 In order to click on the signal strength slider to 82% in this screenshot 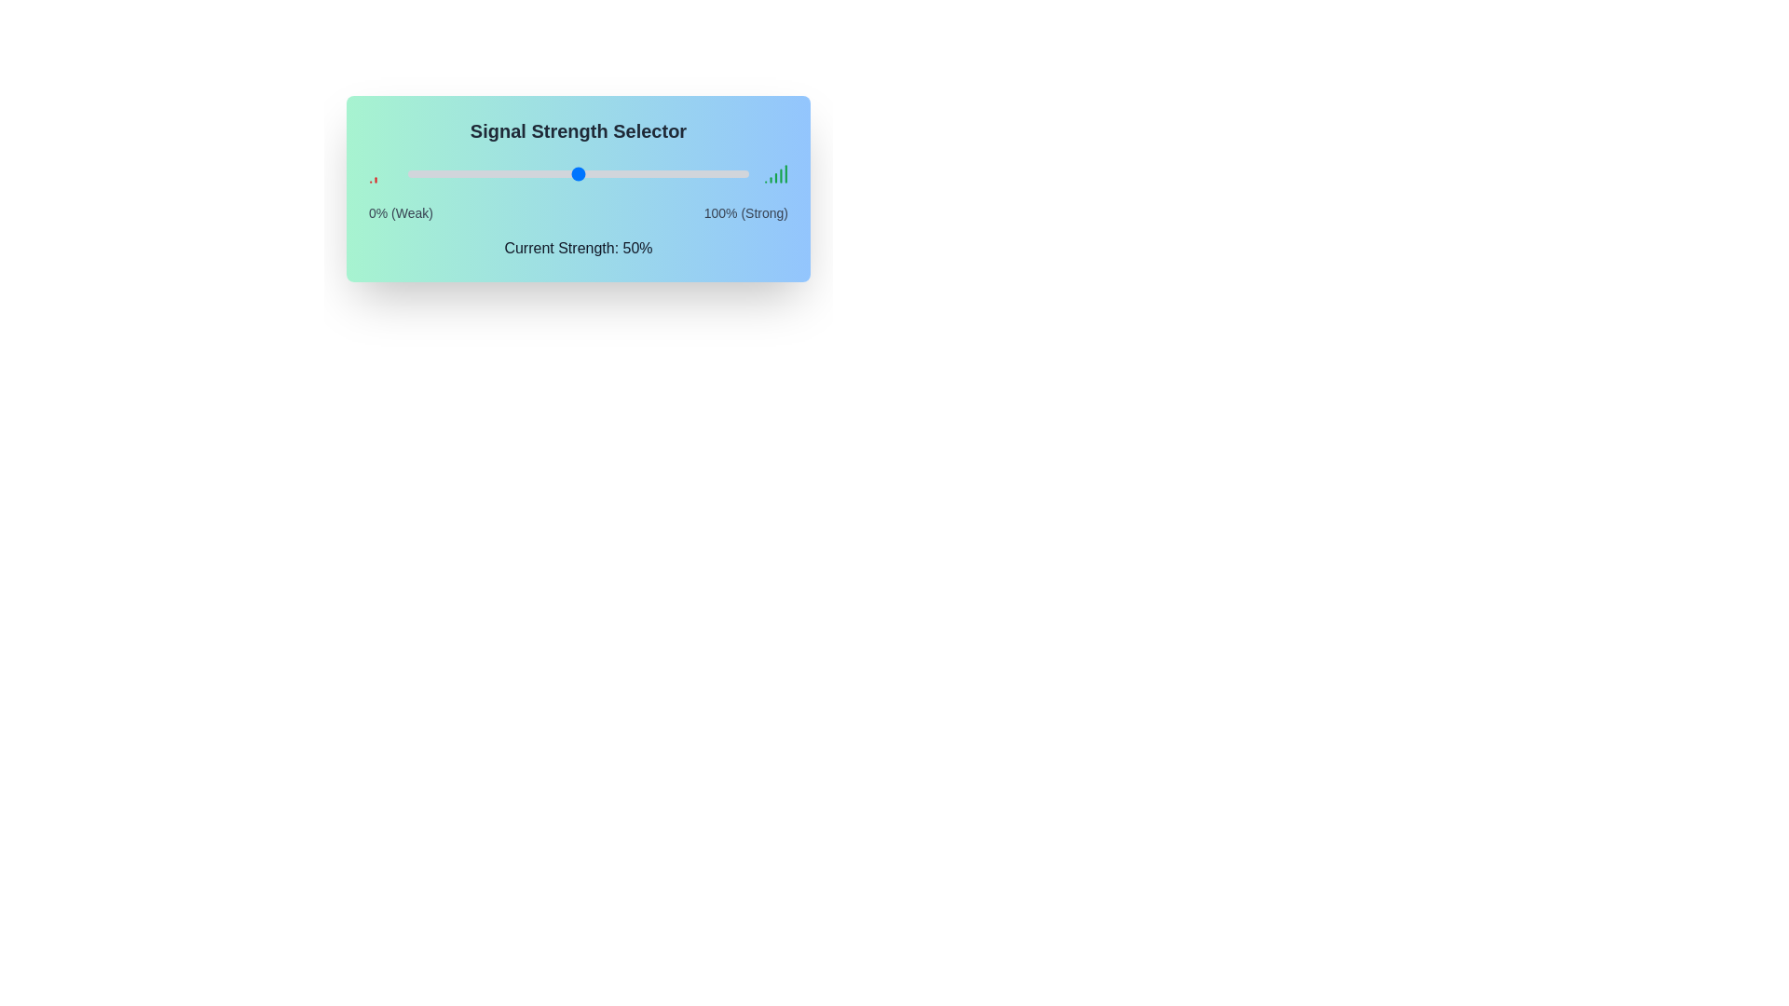, I will do `click(686, 173)`.